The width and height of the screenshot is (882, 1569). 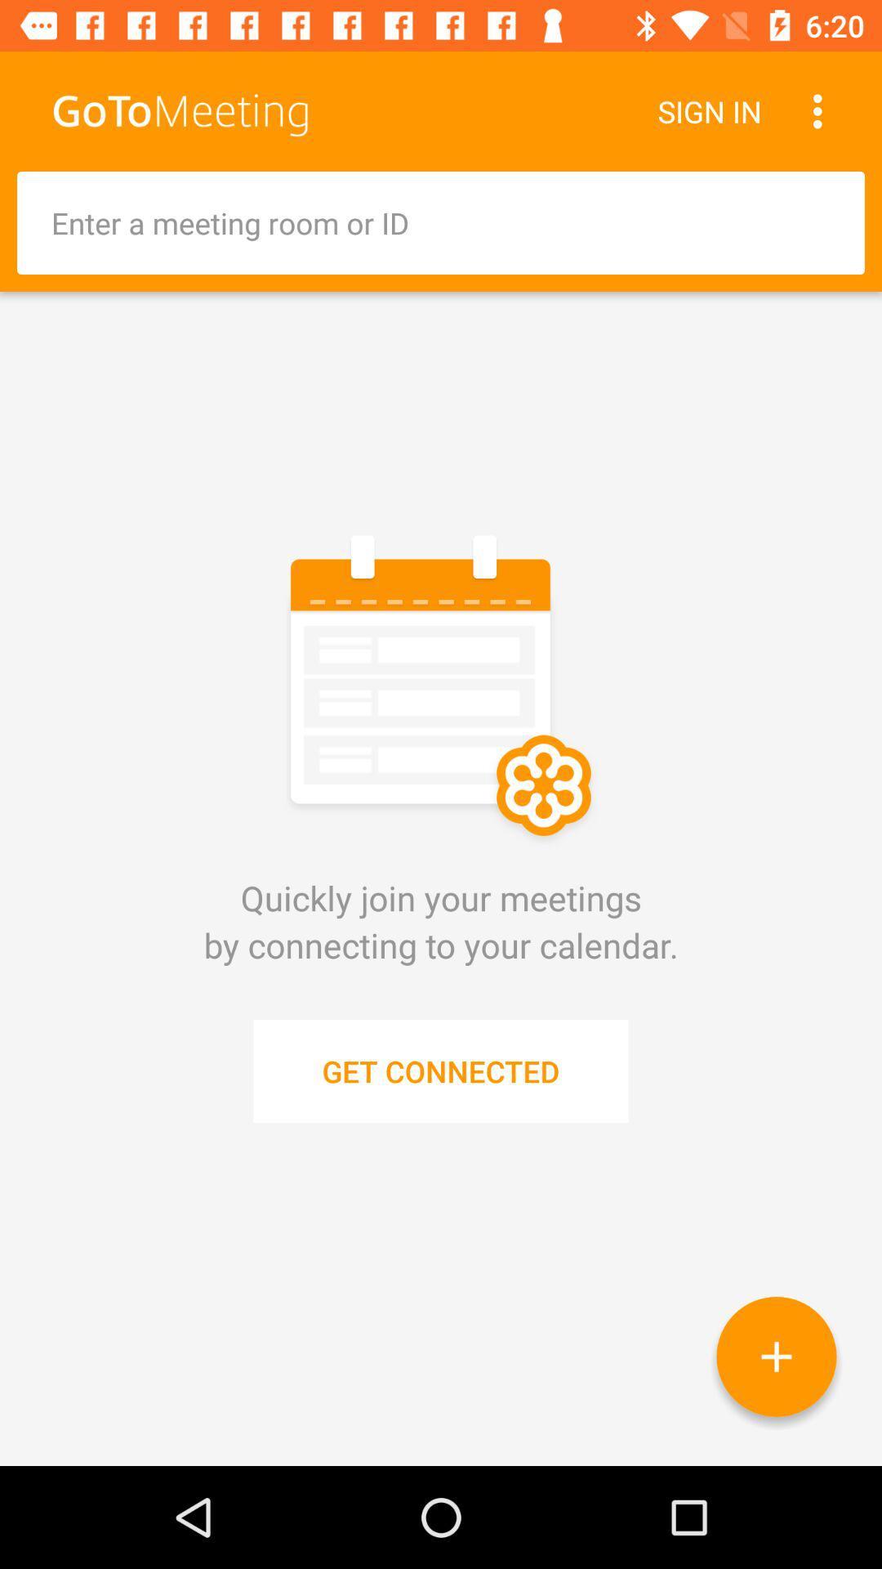 What do you see at coordinates (822, 110) in the screenshot?
I see `the item next to the sign in` at bounding box center [822, 110].